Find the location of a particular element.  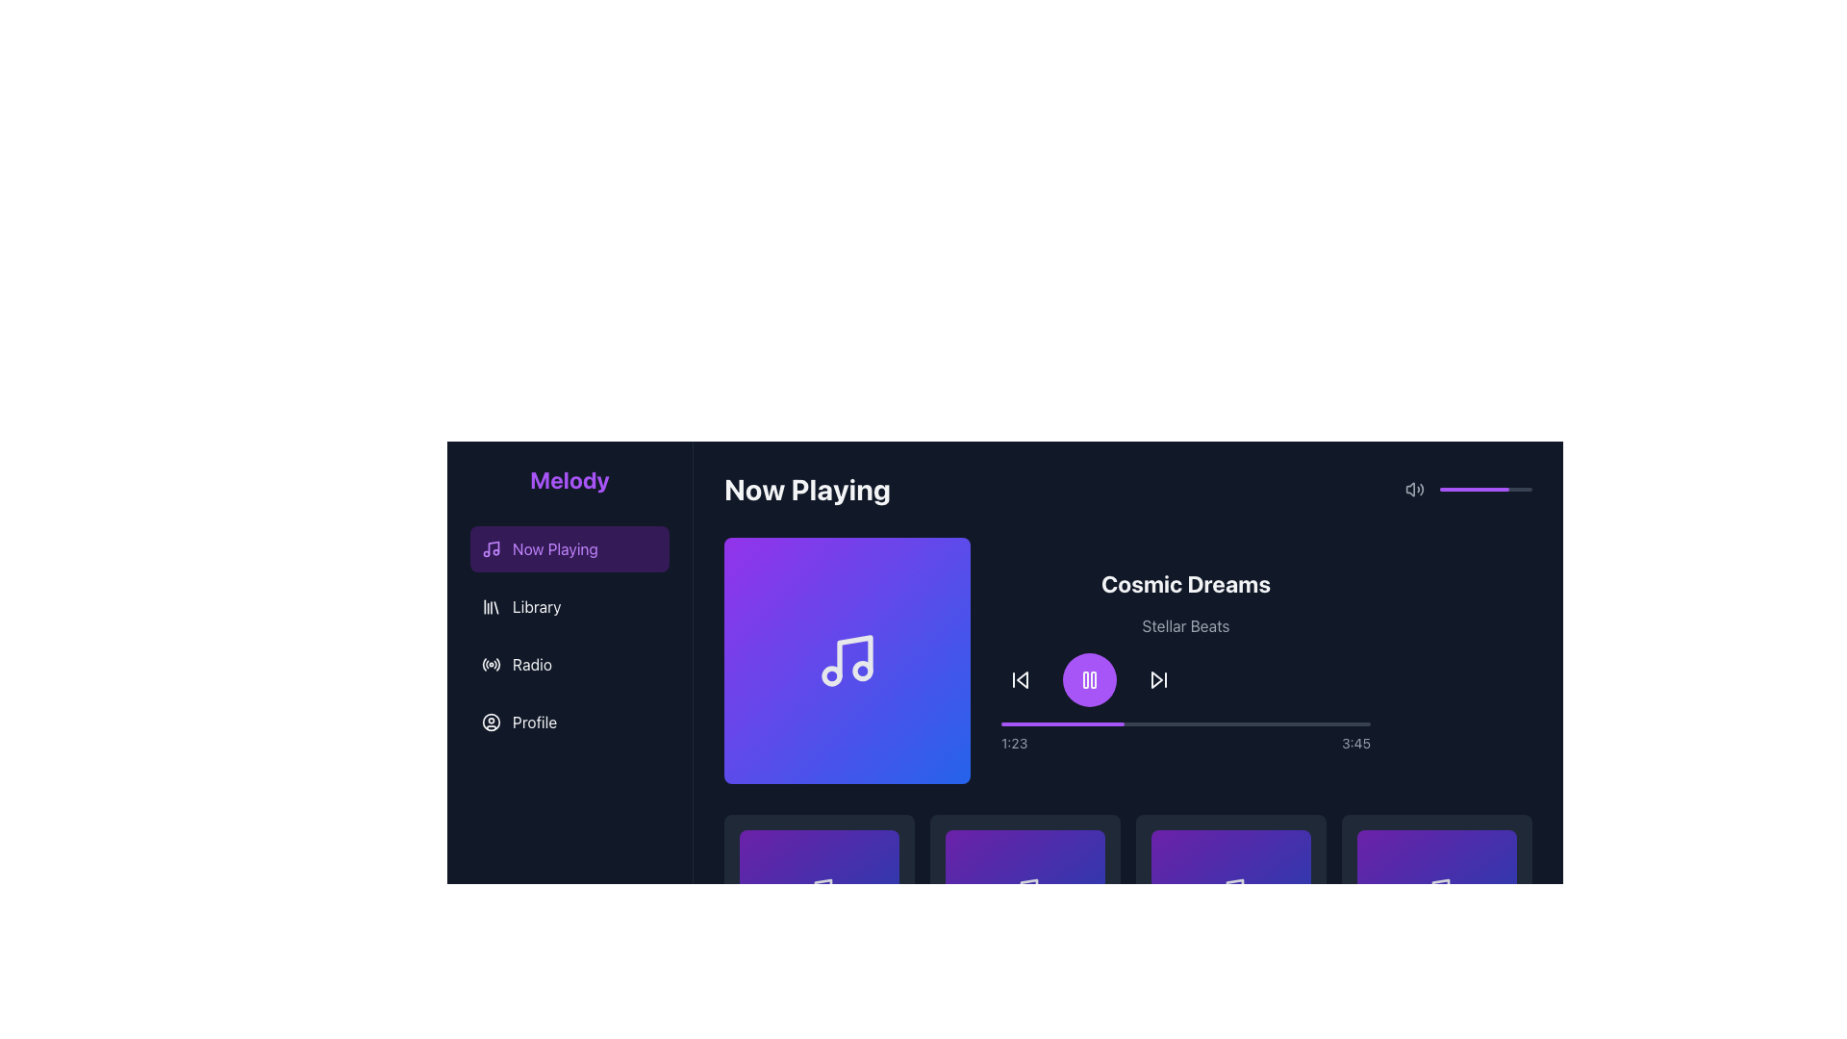

the circular purple button with a white pause icon in the center is located at coordinates (1089, 678).